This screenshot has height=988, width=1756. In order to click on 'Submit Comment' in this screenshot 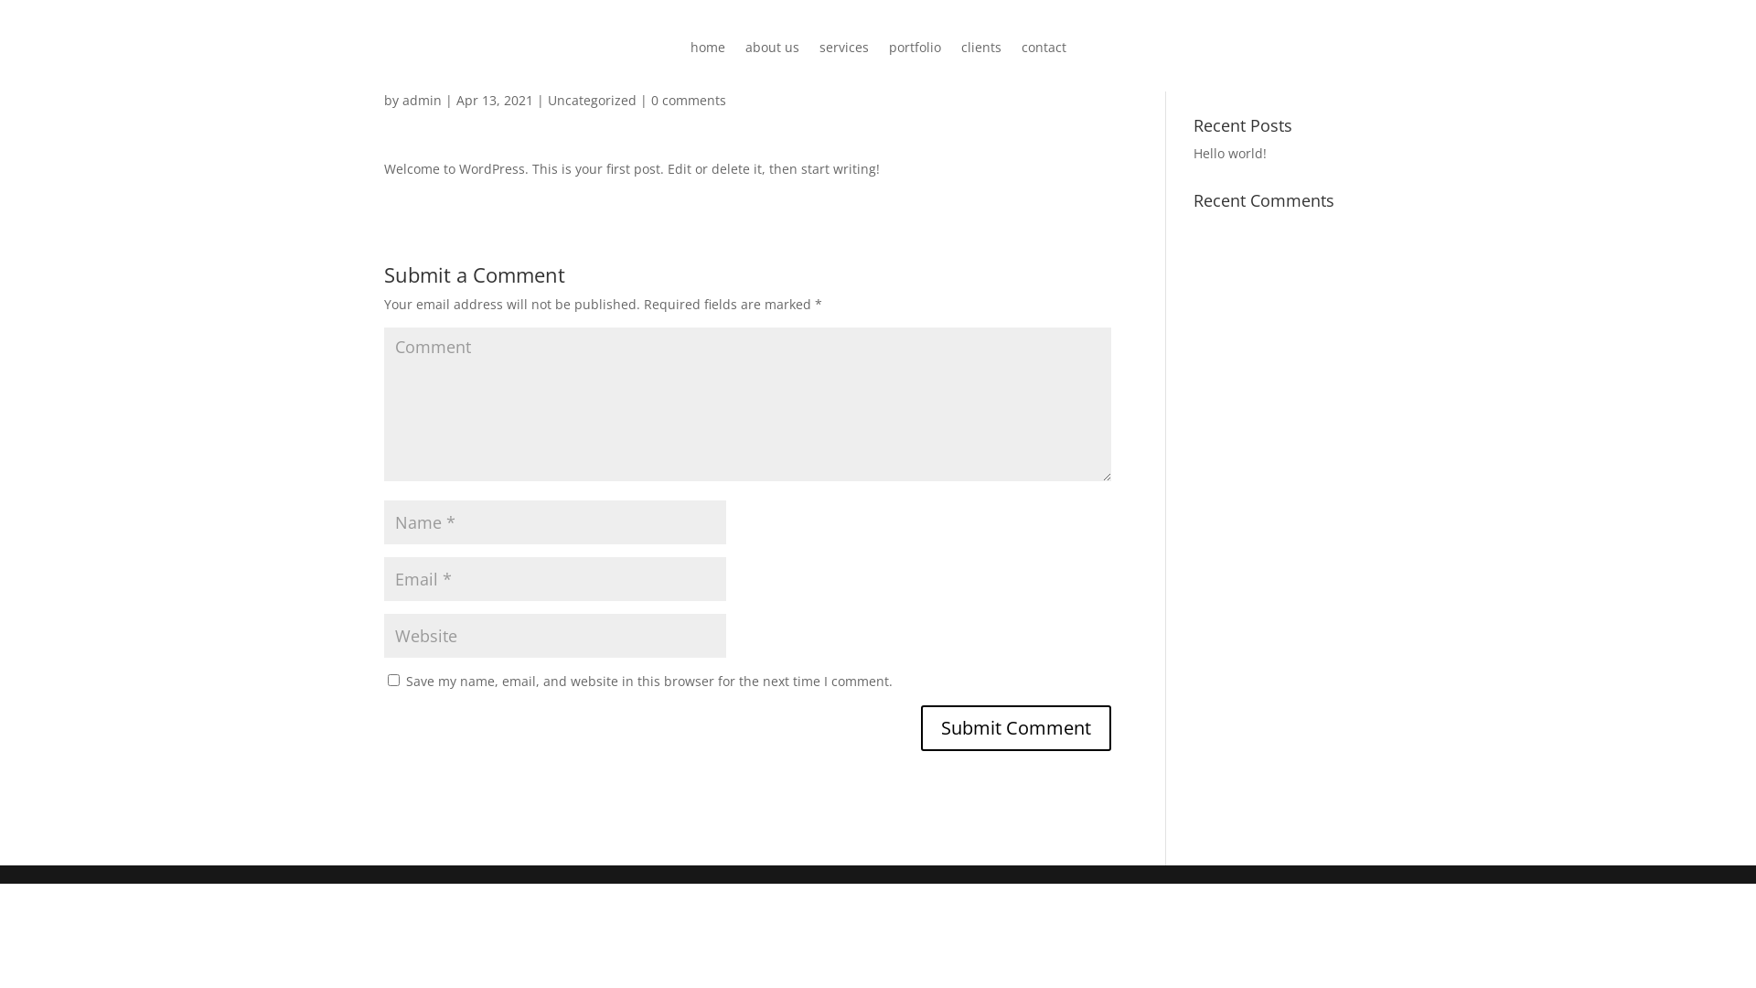, I will do `click(1014, 726)`.